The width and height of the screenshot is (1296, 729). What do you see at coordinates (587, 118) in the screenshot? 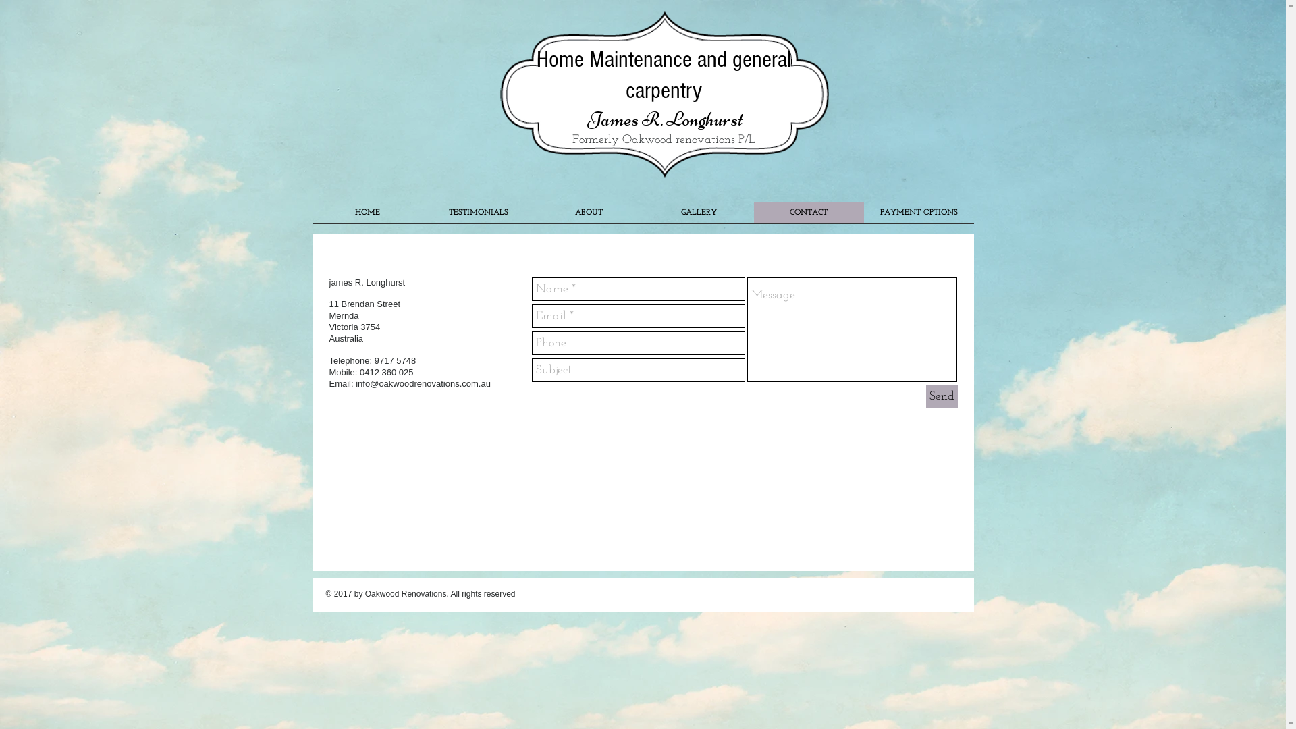
I see `'James R. Longhurst'` at bounding box center [587, 118].